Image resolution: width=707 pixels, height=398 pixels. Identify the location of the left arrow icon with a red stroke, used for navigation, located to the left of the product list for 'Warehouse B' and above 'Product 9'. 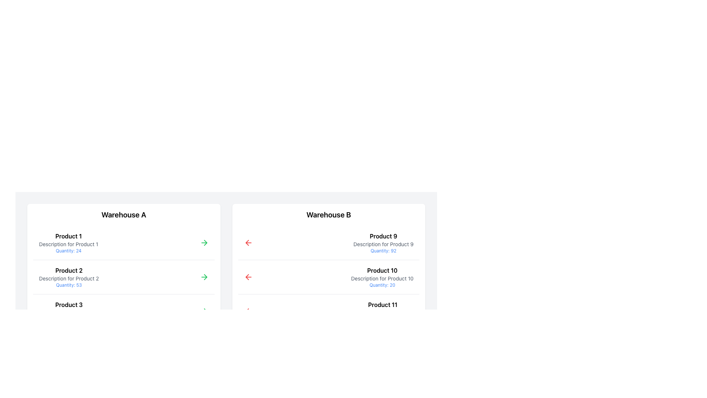
(247, 345).